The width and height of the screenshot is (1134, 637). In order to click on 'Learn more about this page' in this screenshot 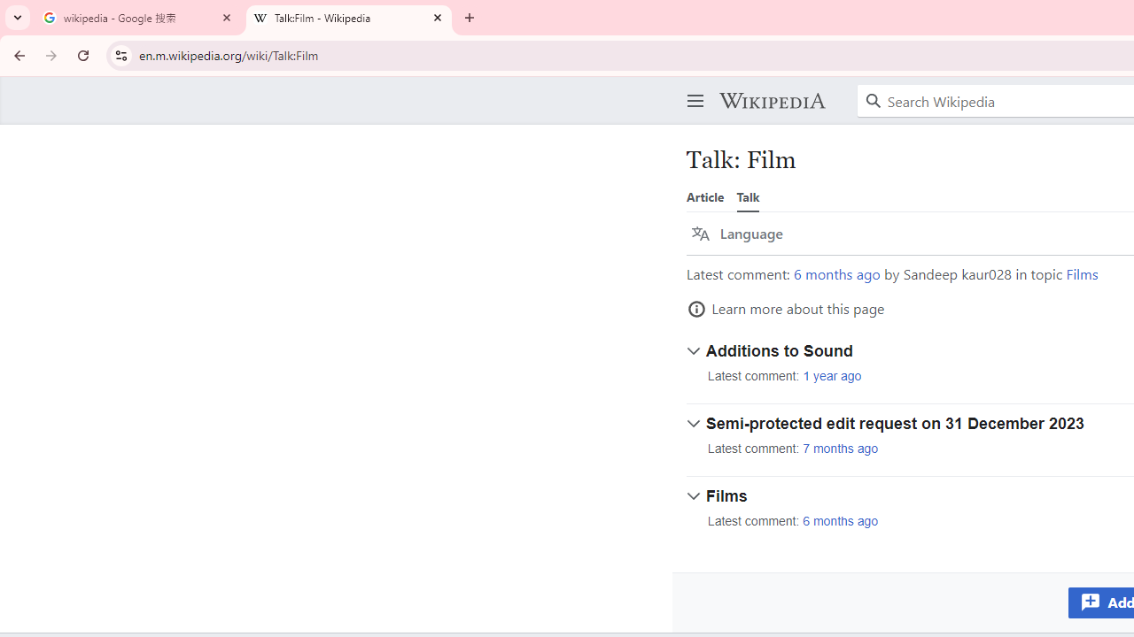, I will do `click(785, 308)`.